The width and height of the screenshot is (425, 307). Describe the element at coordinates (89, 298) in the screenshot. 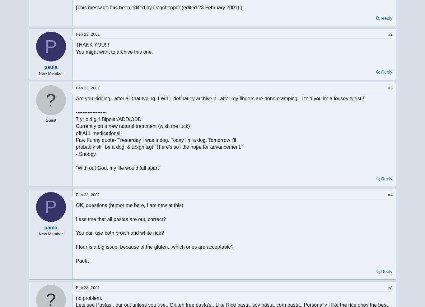

I see `'no problem.'` at that location.